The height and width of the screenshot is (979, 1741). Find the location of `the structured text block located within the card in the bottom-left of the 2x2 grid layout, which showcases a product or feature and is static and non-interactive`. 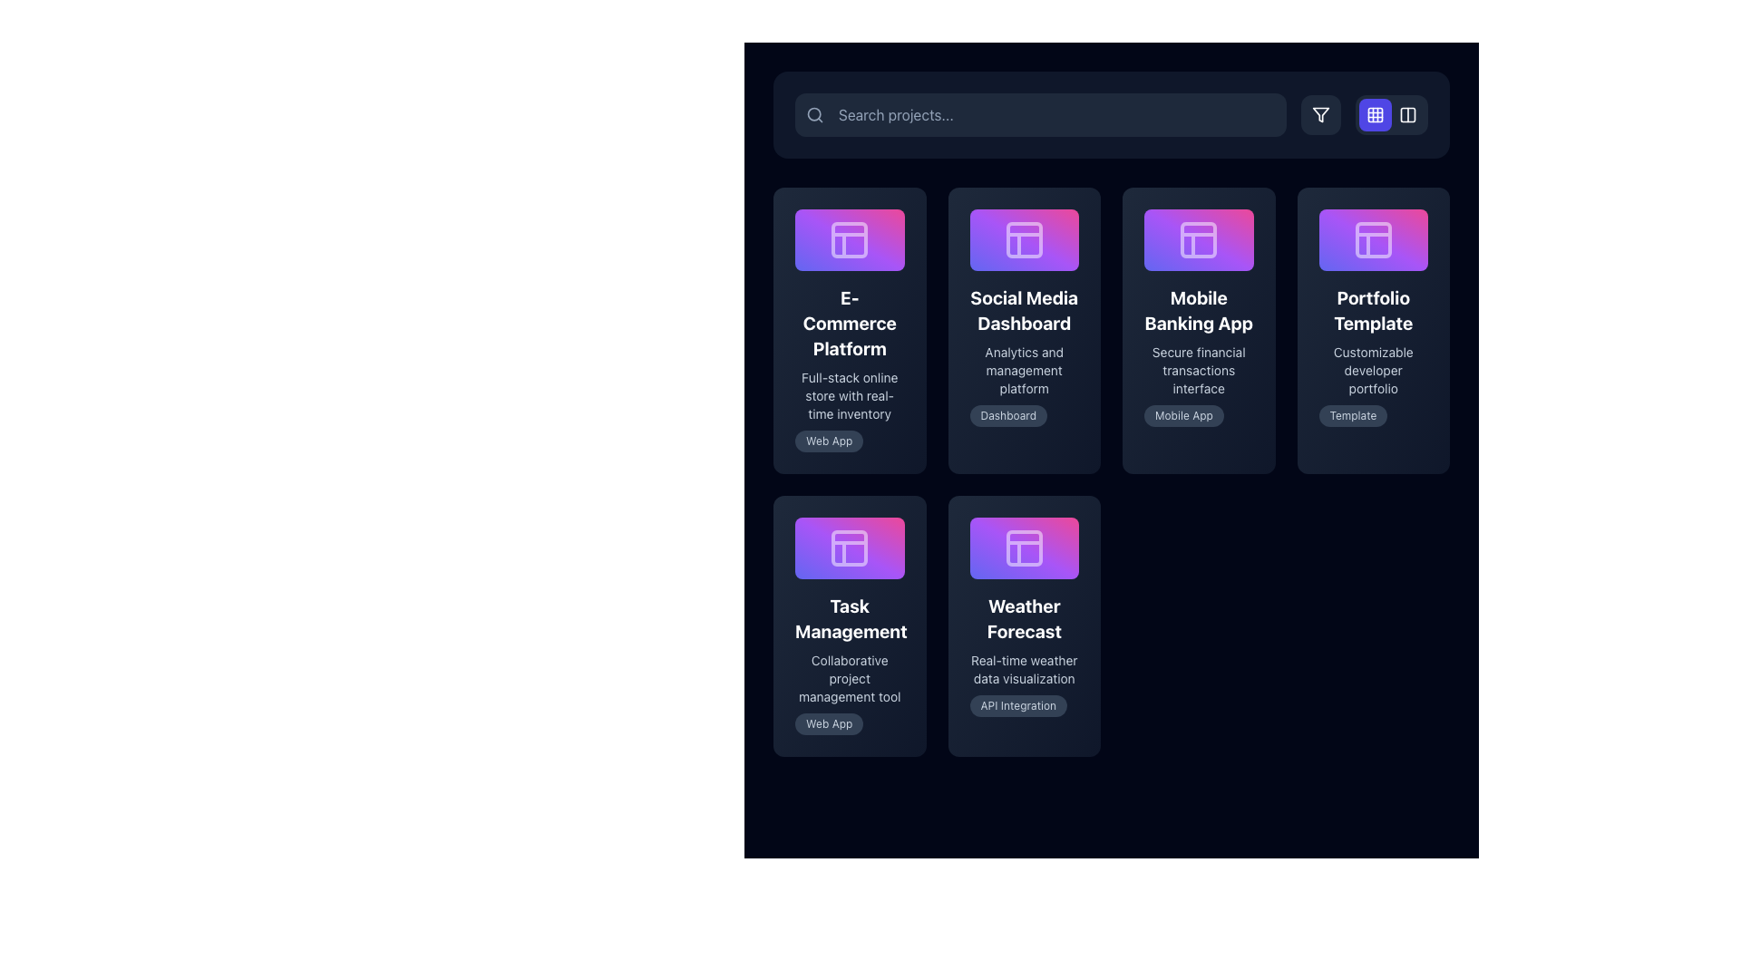

the structured text block located within the card in the bottom-left of the 2x2 grid layout, which showcases a product or feature and is static and non-interactive is located at coordinates (849, 664).